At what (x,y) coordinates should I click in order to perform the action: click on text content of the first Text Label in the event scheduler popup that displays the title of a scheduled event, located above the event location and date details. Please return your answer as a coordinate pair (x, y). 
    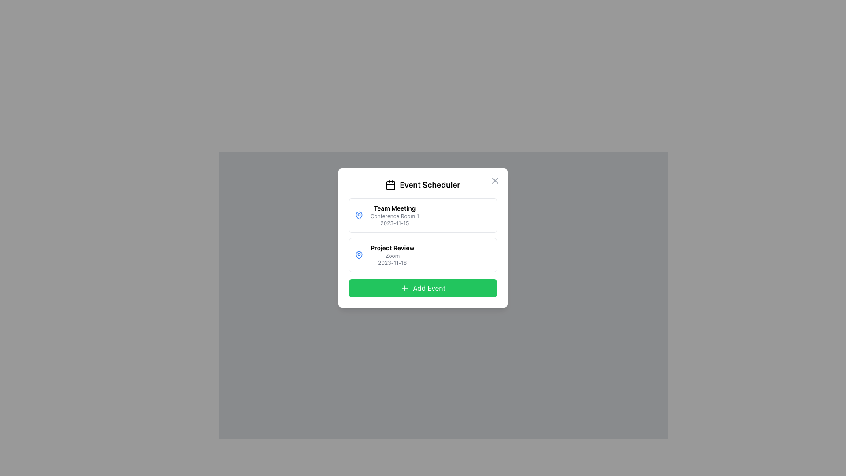
    Looking at the image, I should click on (394, 208).